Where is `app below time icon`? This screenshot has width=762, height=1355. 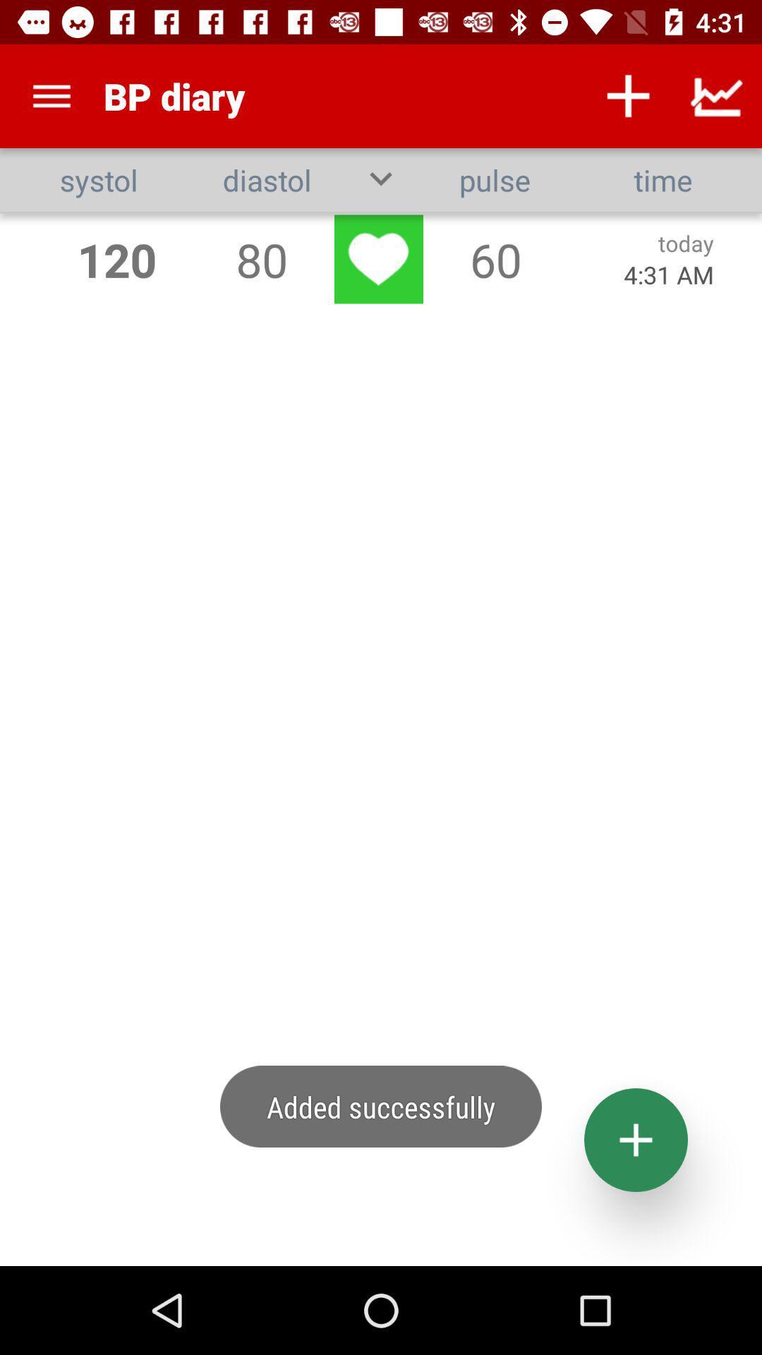 app below time icon is located at coordinates (685, 243).